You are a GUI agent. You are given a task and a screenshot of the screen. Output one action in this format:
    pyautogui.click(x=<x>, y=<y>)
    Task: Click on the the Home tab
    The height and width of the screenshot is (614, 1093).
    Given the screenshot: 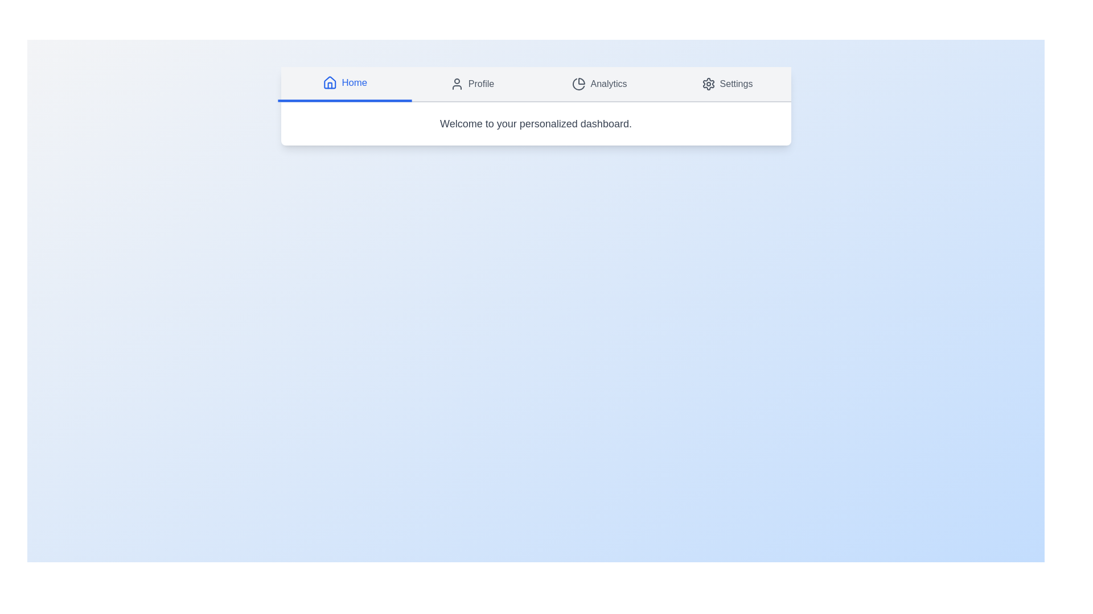 What is the action you would take?
    pyautogui.click(x=344, y=83)
    